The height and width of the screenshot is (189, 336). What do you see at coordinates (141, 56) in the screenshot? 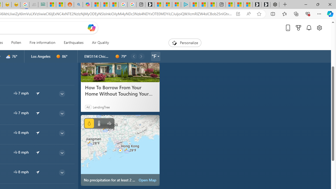
I see `'common/carouselChevron'` at bounding box center [141, 56].